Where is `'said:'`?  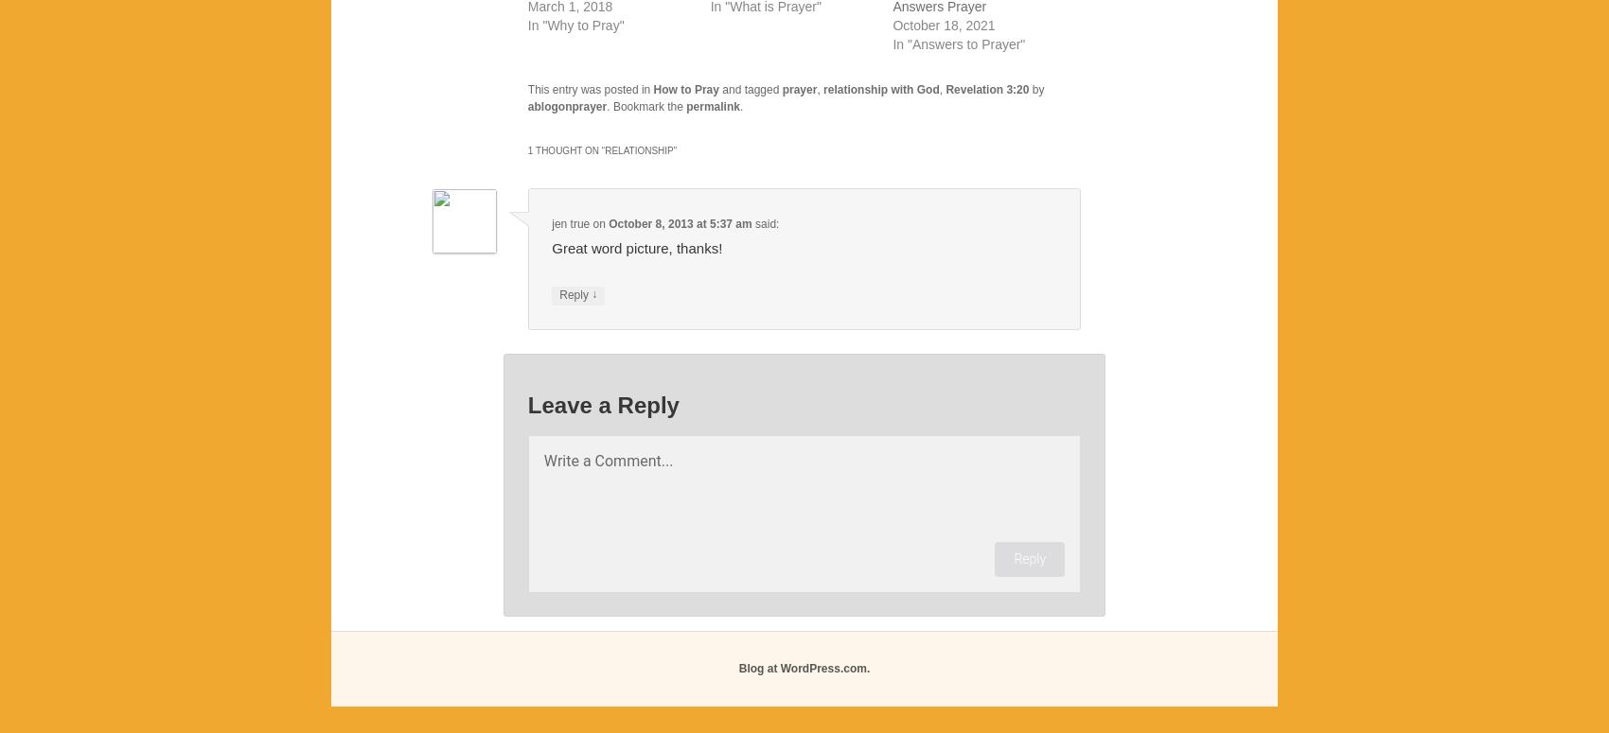
'said:' is located at coordinates (766, 222).